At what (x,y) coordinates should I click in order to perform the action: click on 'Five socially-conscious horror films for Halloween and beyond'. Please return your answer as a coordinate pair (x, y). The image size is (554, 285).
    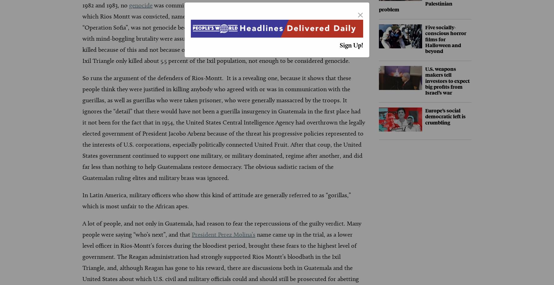
    Looking at the image, I should click on (446, 39).